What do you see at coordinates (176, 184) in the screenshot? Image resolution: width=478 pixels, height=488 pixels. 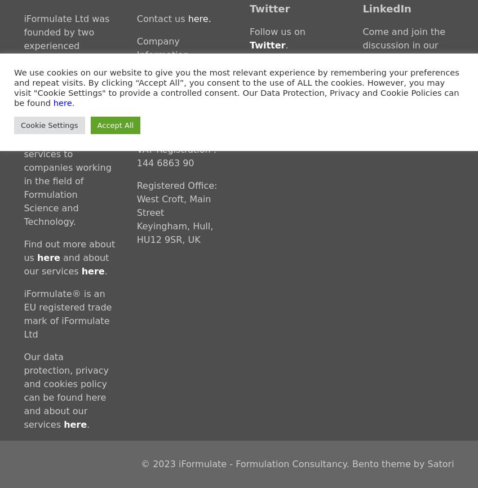 I see `'Registered Office:'` at bounding box center [176, 184].